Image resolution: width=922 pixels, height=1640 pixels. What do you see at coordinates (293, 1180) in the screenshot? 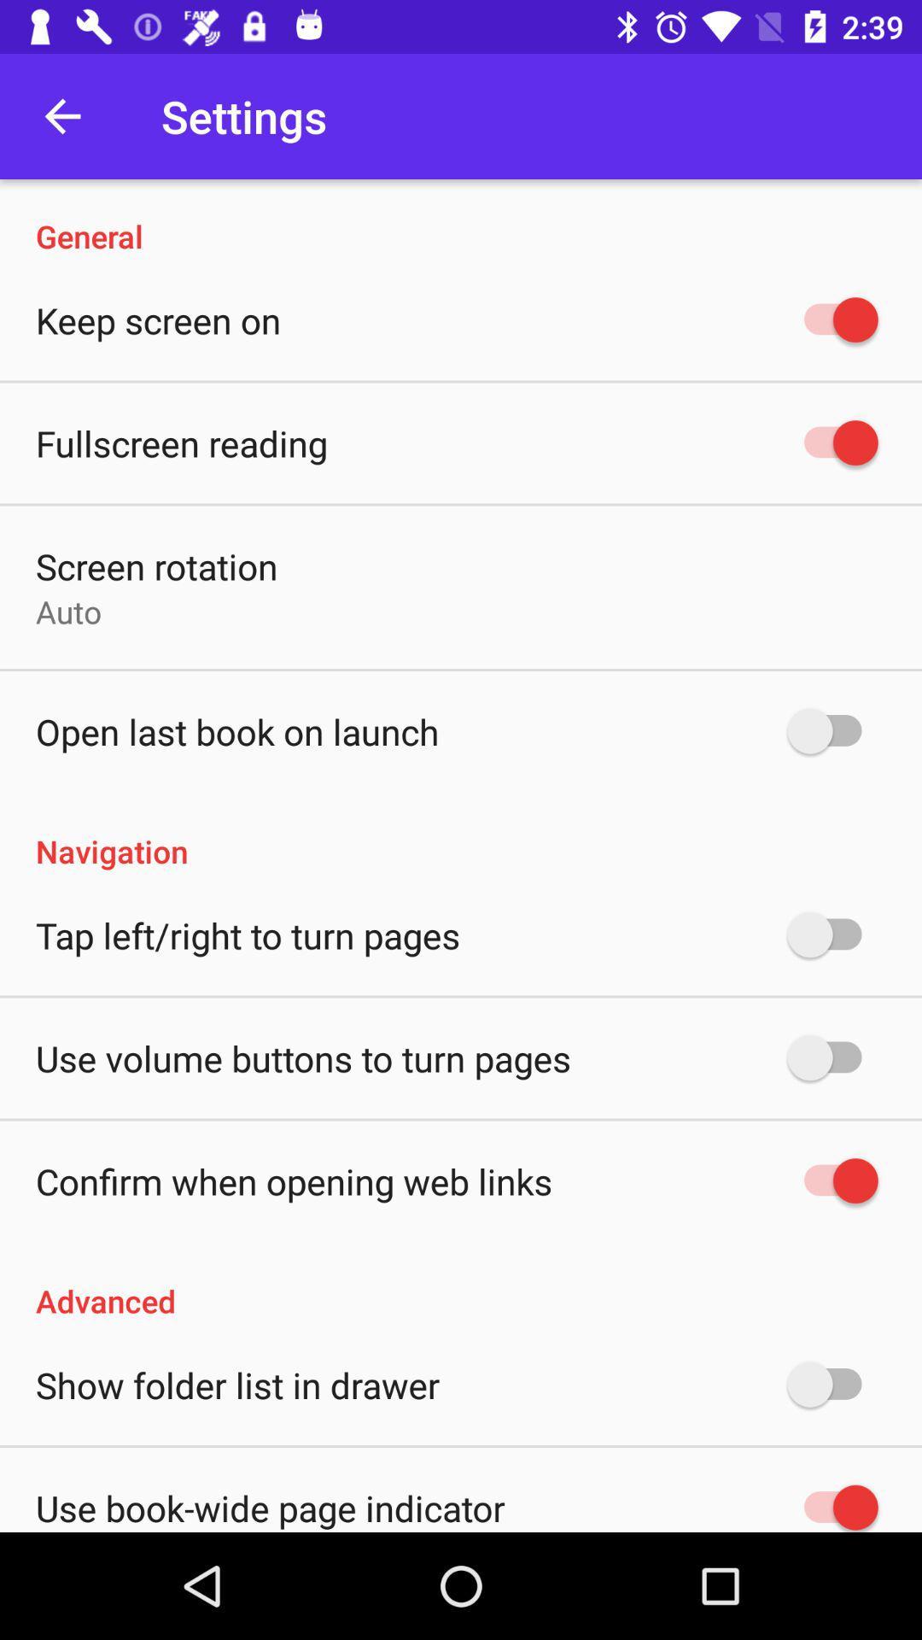
I see `confirm when opening` at bounding box center [293, 1180].